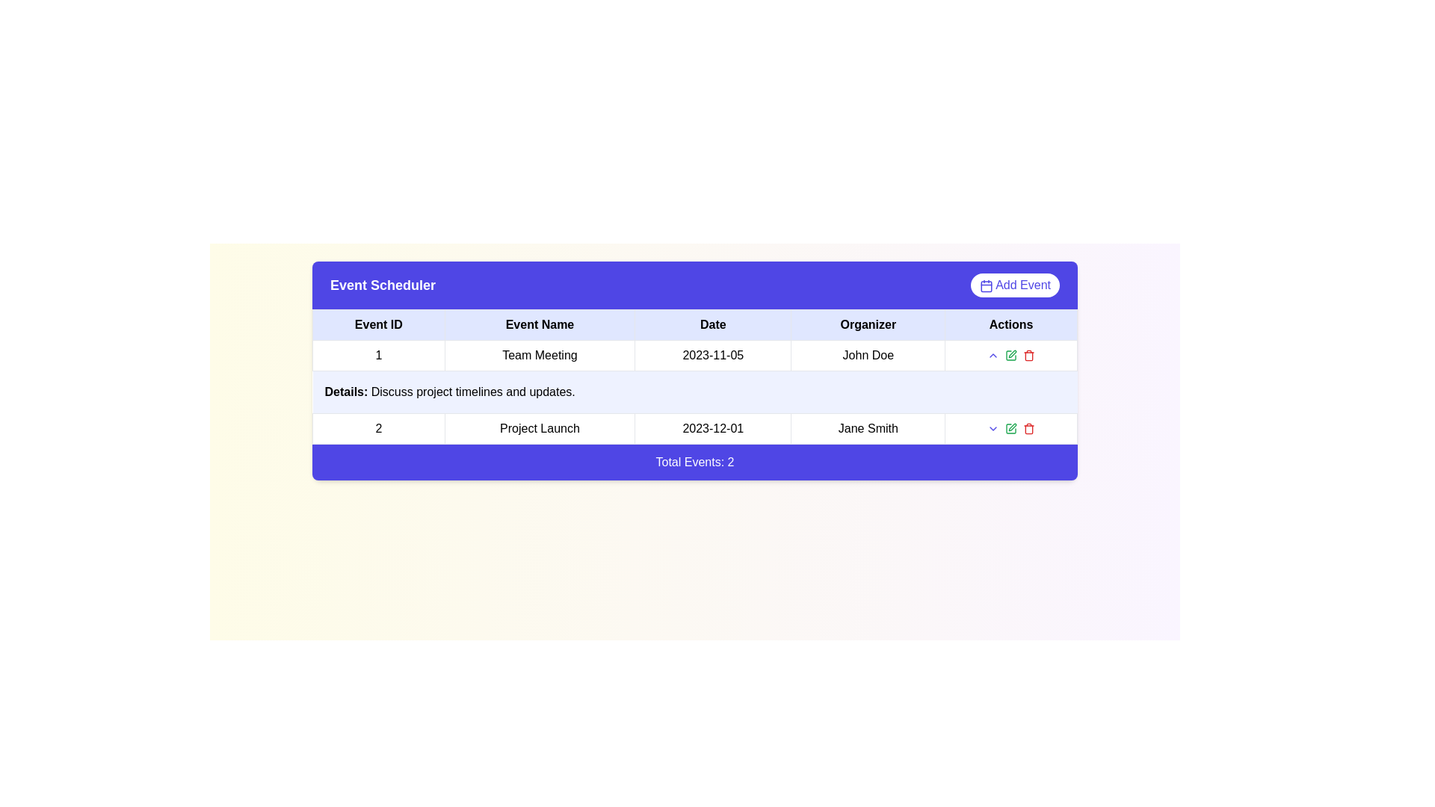 This screenshot has width=1435, height=807. I want to click on the pen icon in the 'Actions' column of the second row, so click(1013, 354).